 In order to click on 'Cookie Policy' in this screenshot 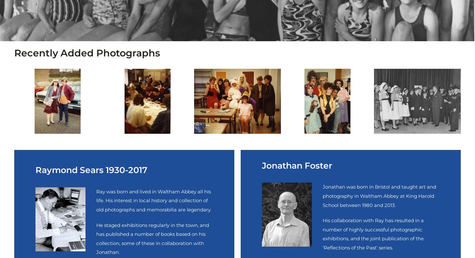, I will do `click(29, 165)`.